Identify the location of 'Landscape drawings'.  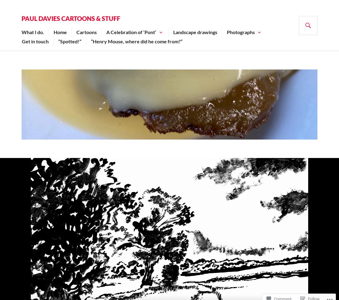
(195, 32).